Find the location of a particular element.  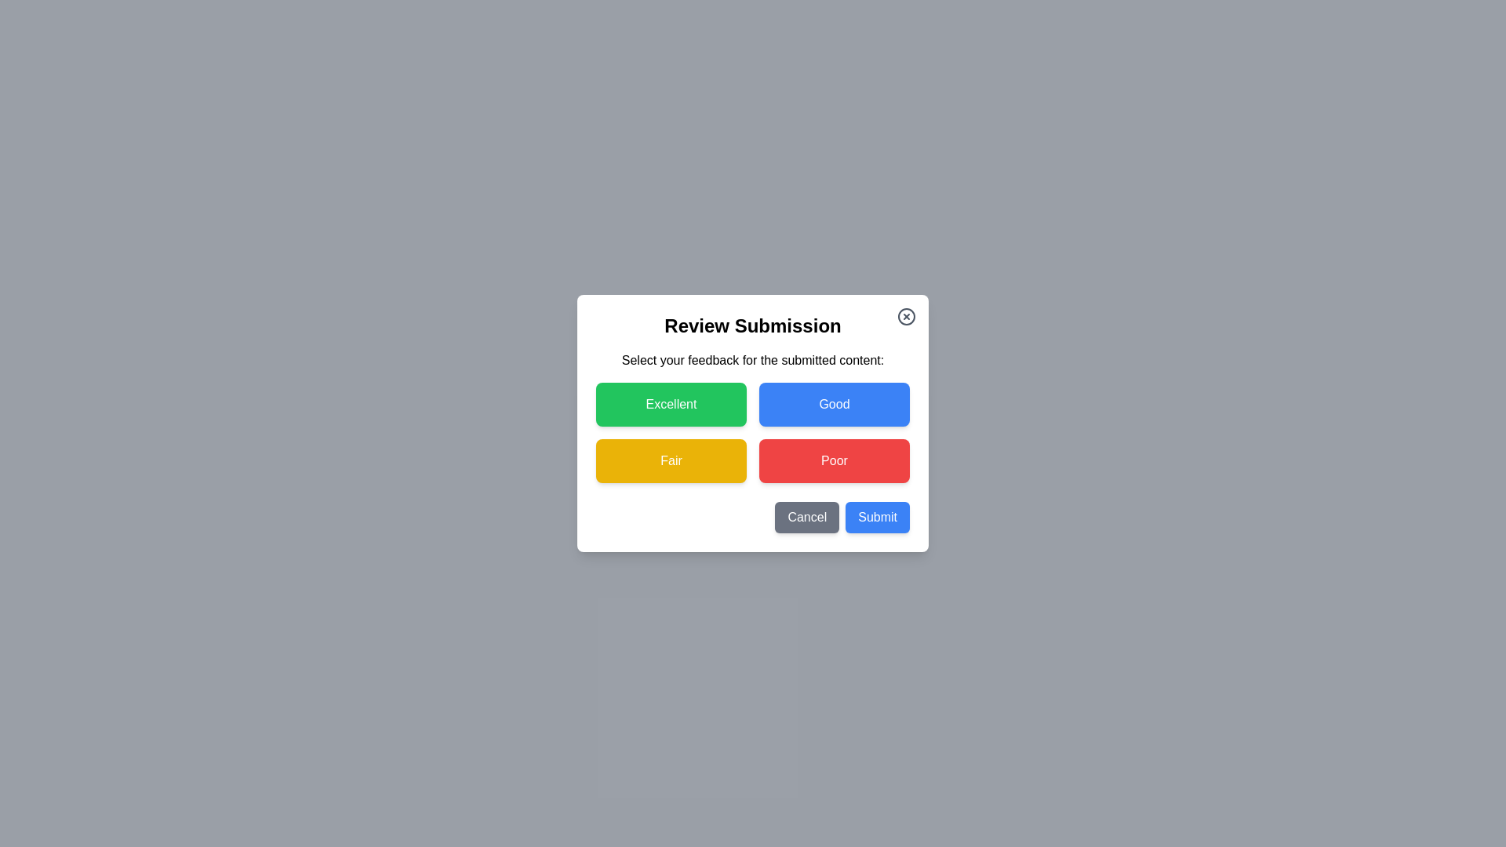

the close button in the top-right corner of the dialog to close it is located at coordinates (907, 317).